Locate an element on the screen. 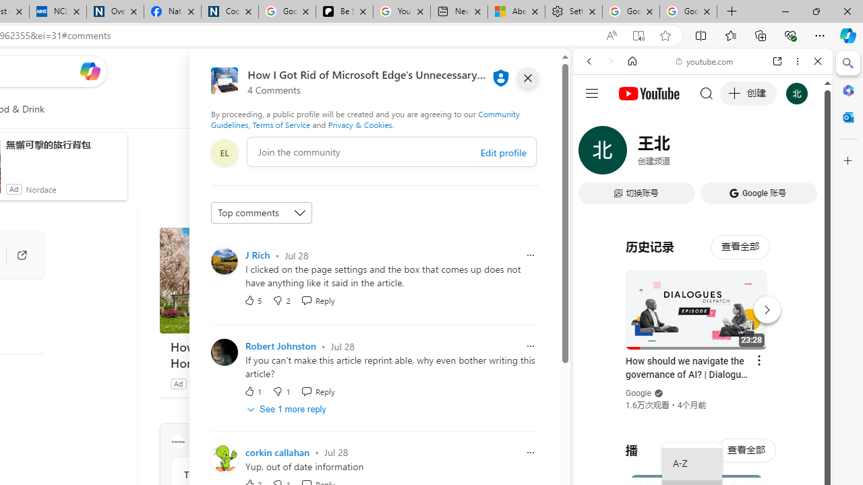 The image size is (863, 485). 'VIDEOS' is located at coordinates (678, 153).